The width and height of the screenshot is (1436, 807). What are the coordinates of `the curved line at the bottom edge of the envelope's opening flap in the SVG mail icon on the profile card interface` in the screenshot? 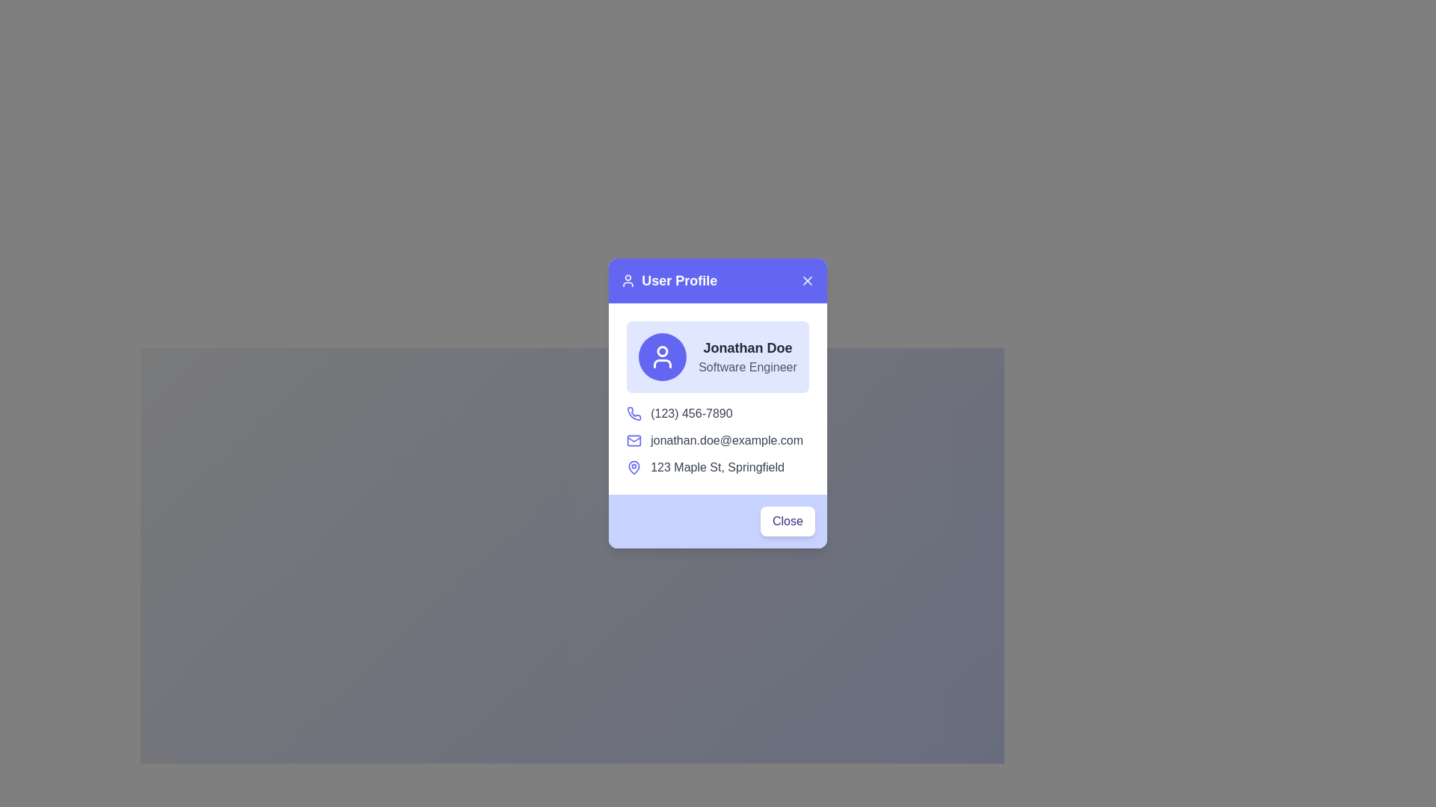 It's located at (634, 439).